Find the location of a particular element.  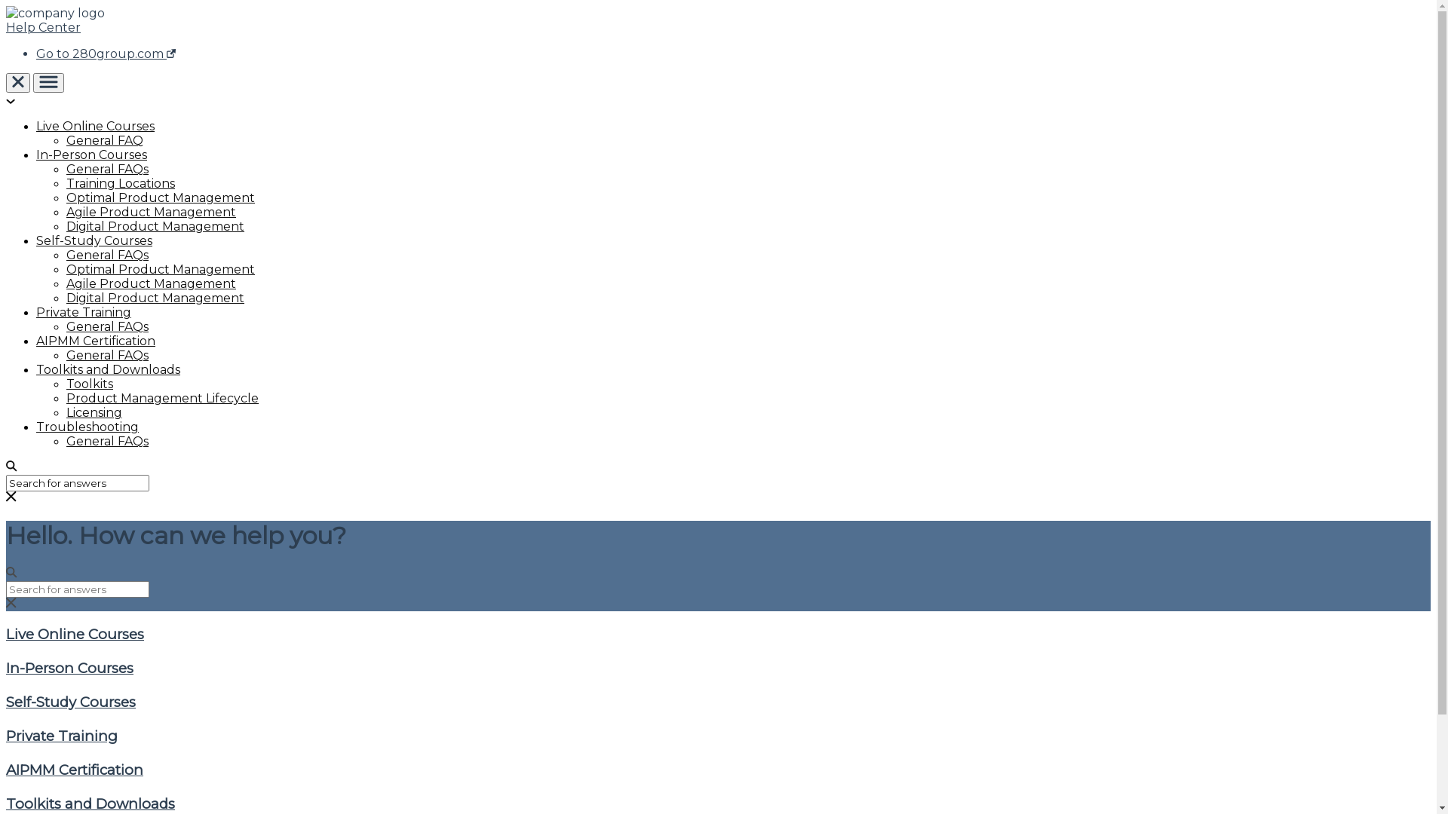

'Live Online Courses' is located at coordinates (94, 125).